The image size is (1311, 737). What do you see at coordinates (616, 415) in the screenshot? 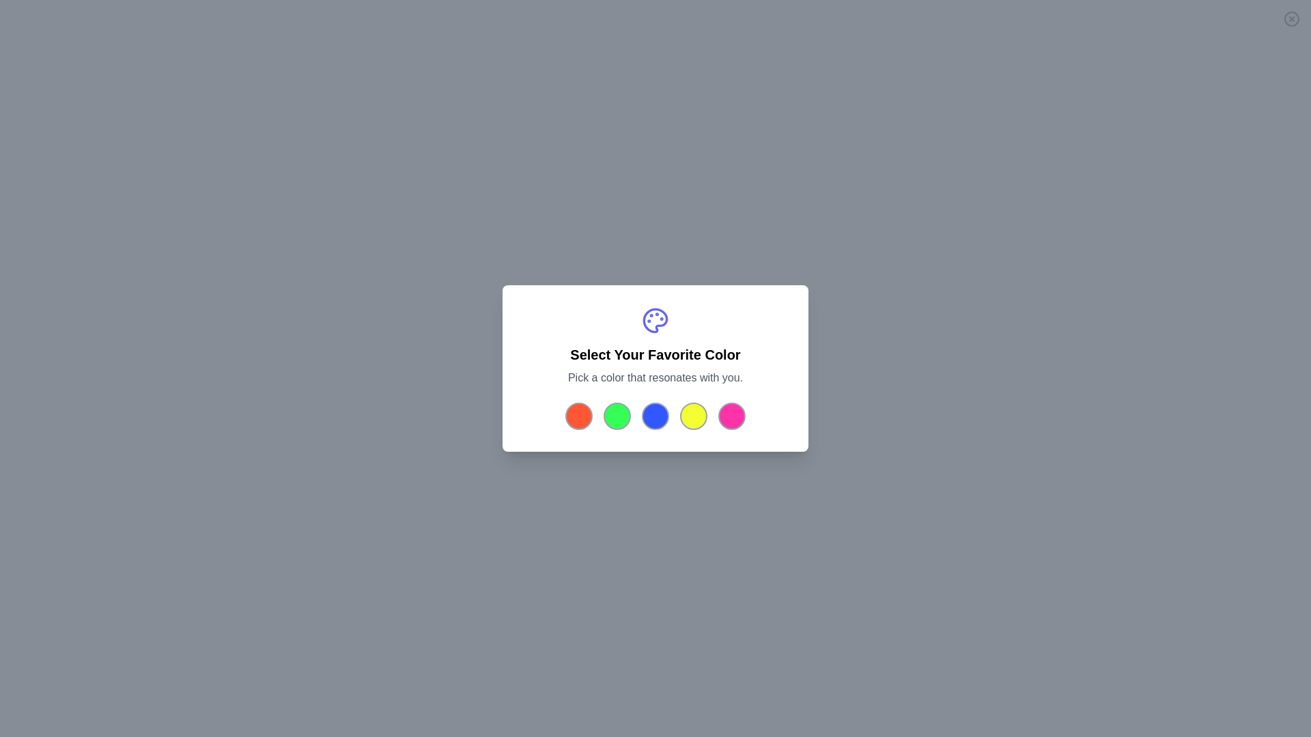
I see `the color button corresponding to green` at bounding box center [616, 415].